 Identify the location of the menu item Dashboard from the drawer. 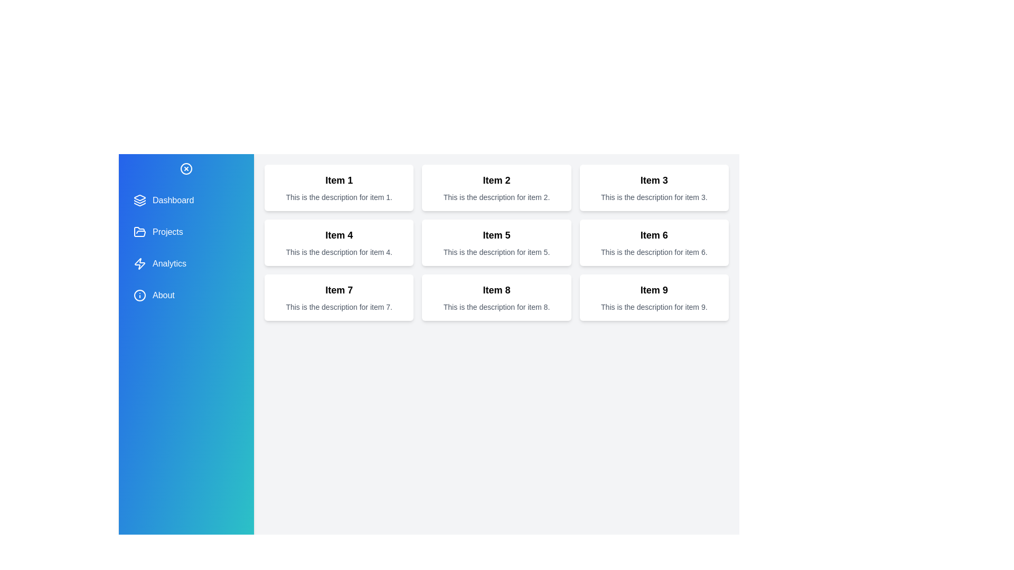
(186, 201).